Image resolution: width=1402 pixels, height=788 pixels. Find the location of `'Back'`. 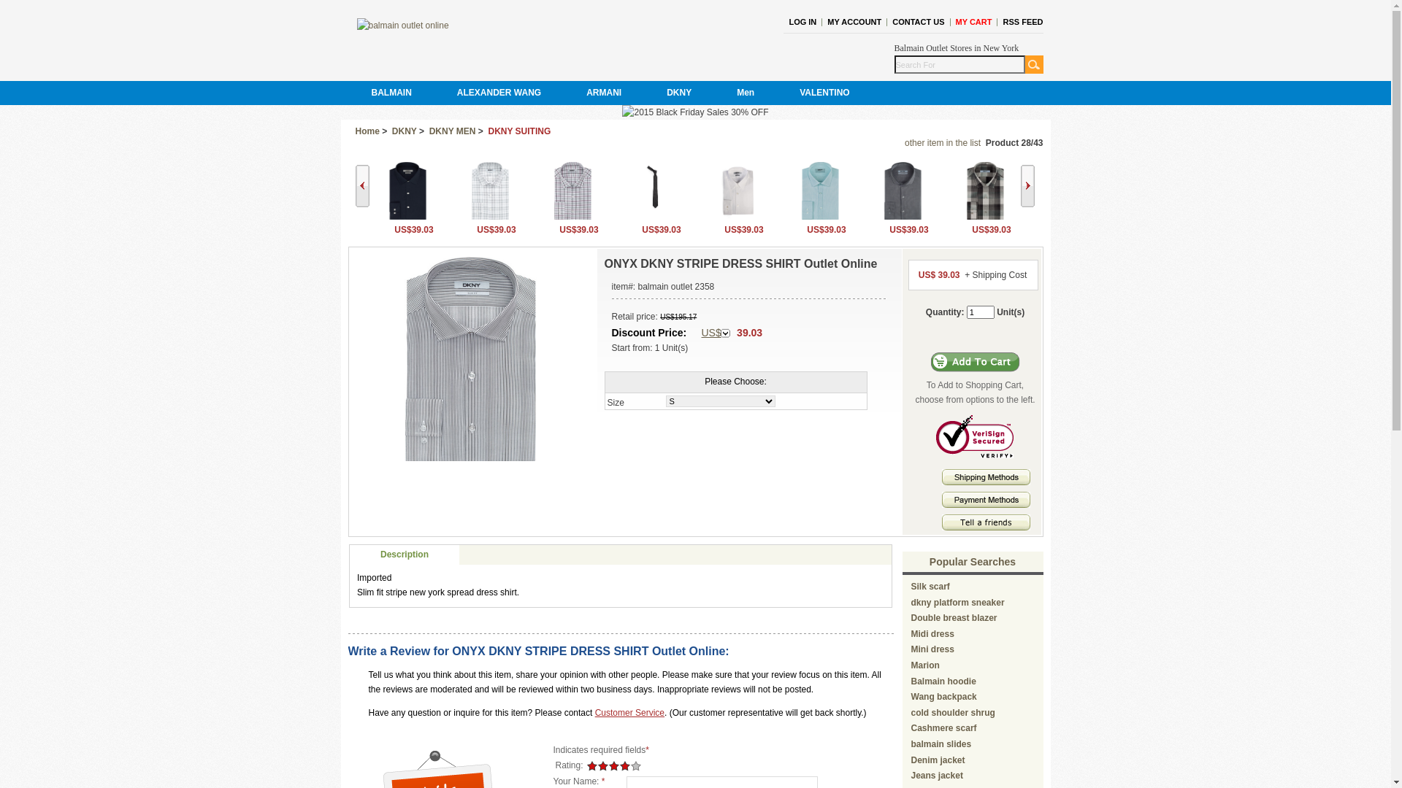

'Back' is located at coordinates (361, 185).